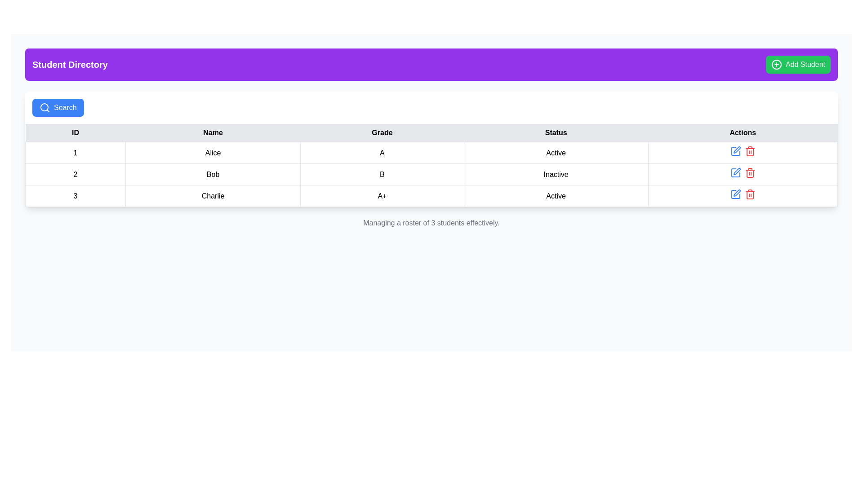  I want to click on on the second row of the user information table, which displays ID: 2, Name: Bob, Grade: B, Status: Inactive, so click(431, 174).